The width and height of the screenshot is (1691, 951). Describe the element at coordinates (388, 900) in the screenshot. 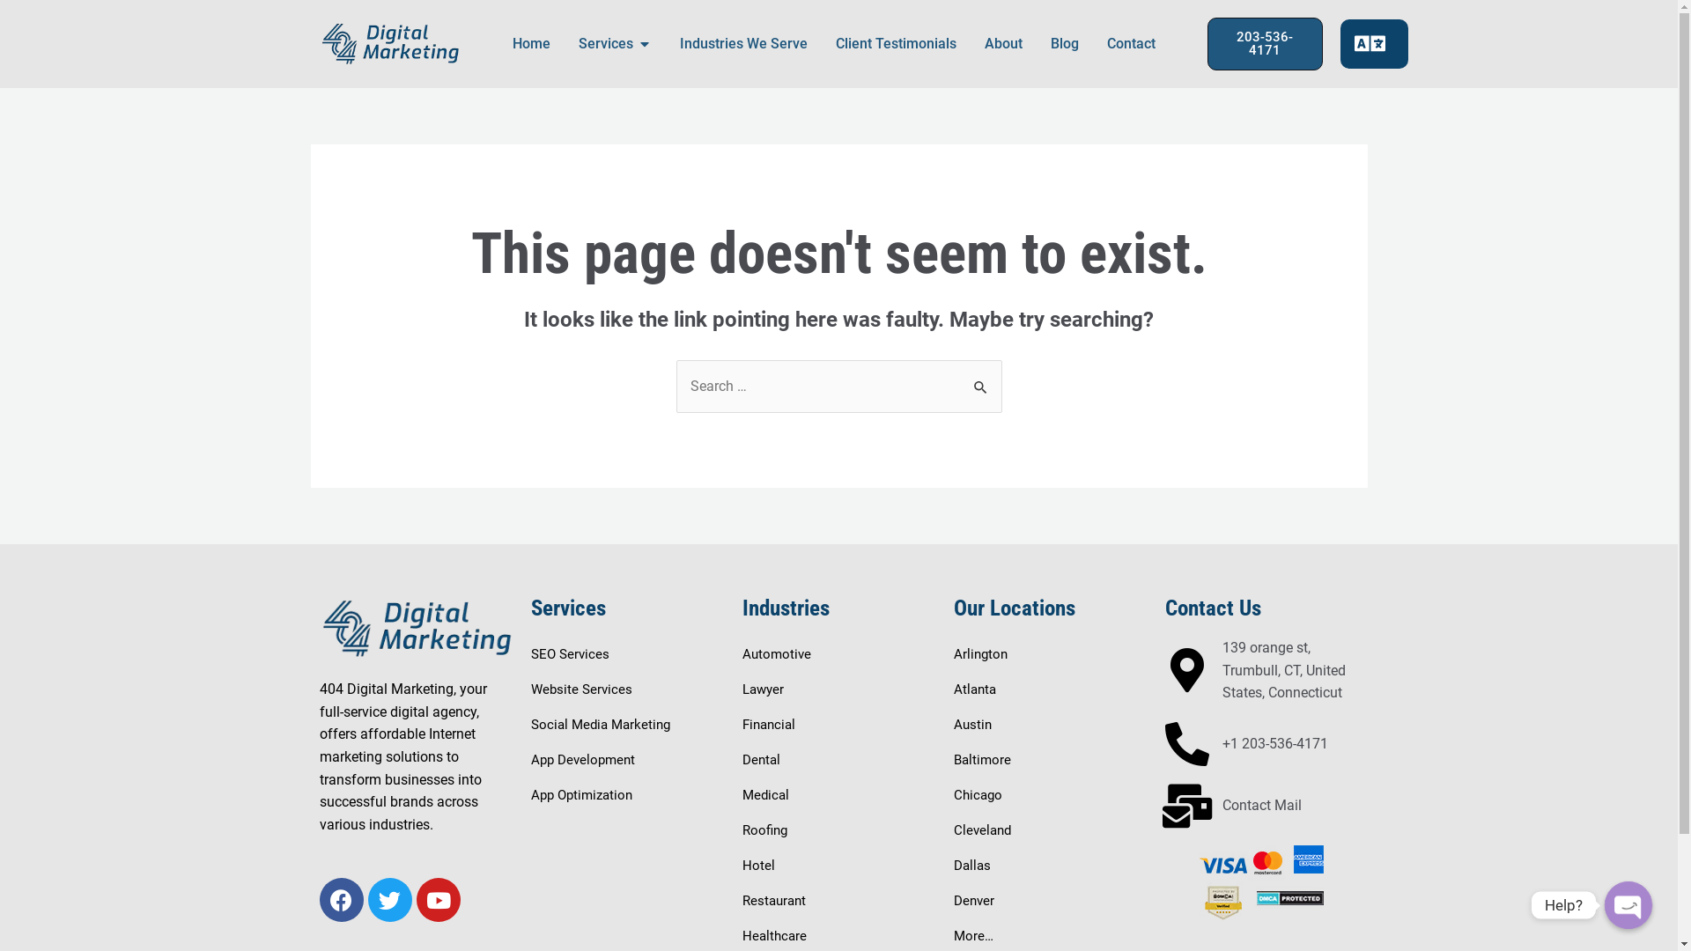

I see `'Twitter'` at that location.